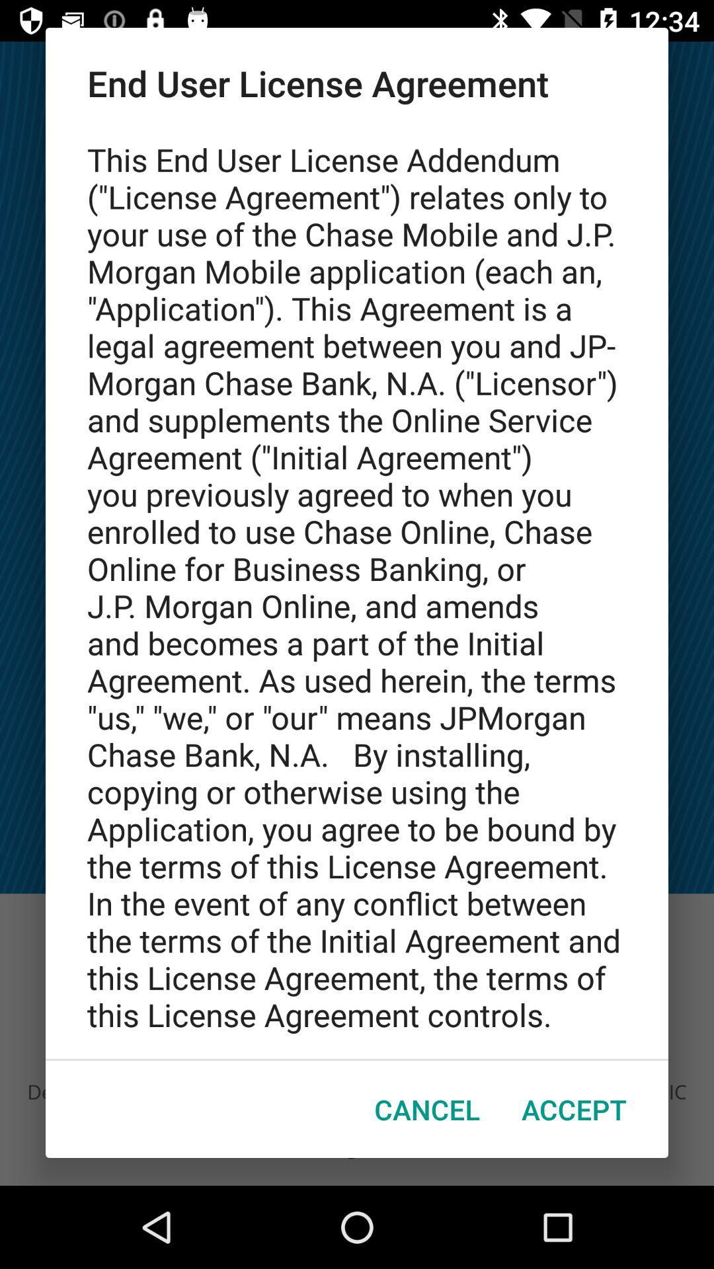 The image size is (714, 1269). Describe the element at coordinates (427, 1109) in the screenshot. I see `the item to the left of accept` at that location.